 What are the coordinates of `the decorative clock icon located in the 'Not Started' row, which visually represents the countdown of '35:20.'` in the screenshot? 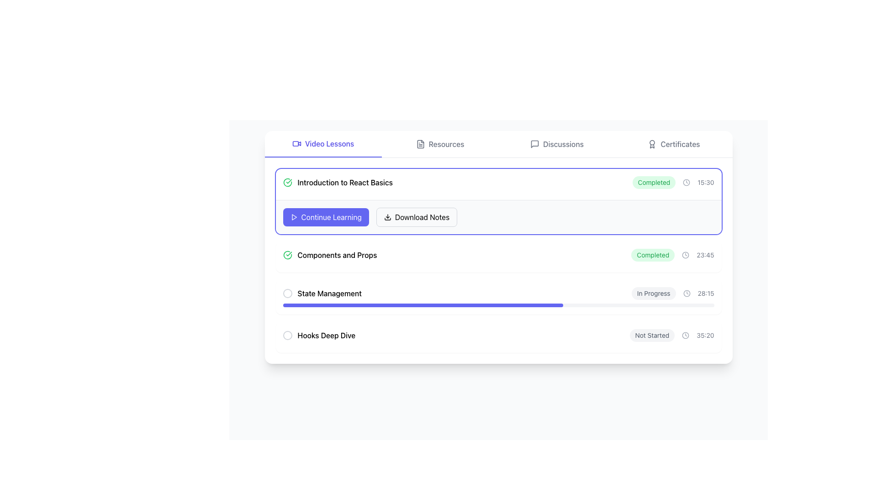 It's located at (686, 336).